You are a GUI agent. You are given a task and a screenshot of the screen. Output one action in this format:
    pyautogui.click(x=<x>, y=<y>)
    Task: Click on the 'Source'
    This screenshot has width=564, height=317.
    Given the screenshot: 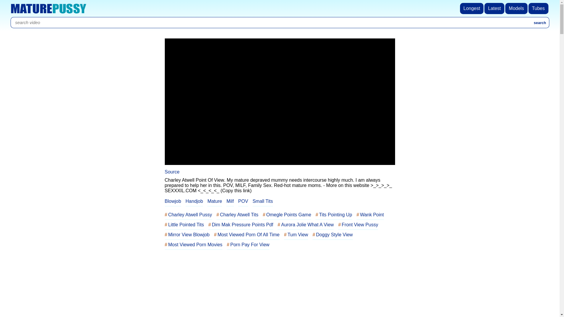 What is the action you would take?
    pyautogui.click(x=172, y=172)
    